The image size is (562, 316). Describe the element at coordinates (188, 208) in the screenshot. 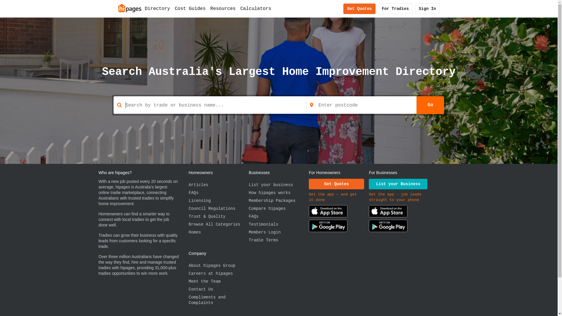

I see `'Council Regulations'` at that location.